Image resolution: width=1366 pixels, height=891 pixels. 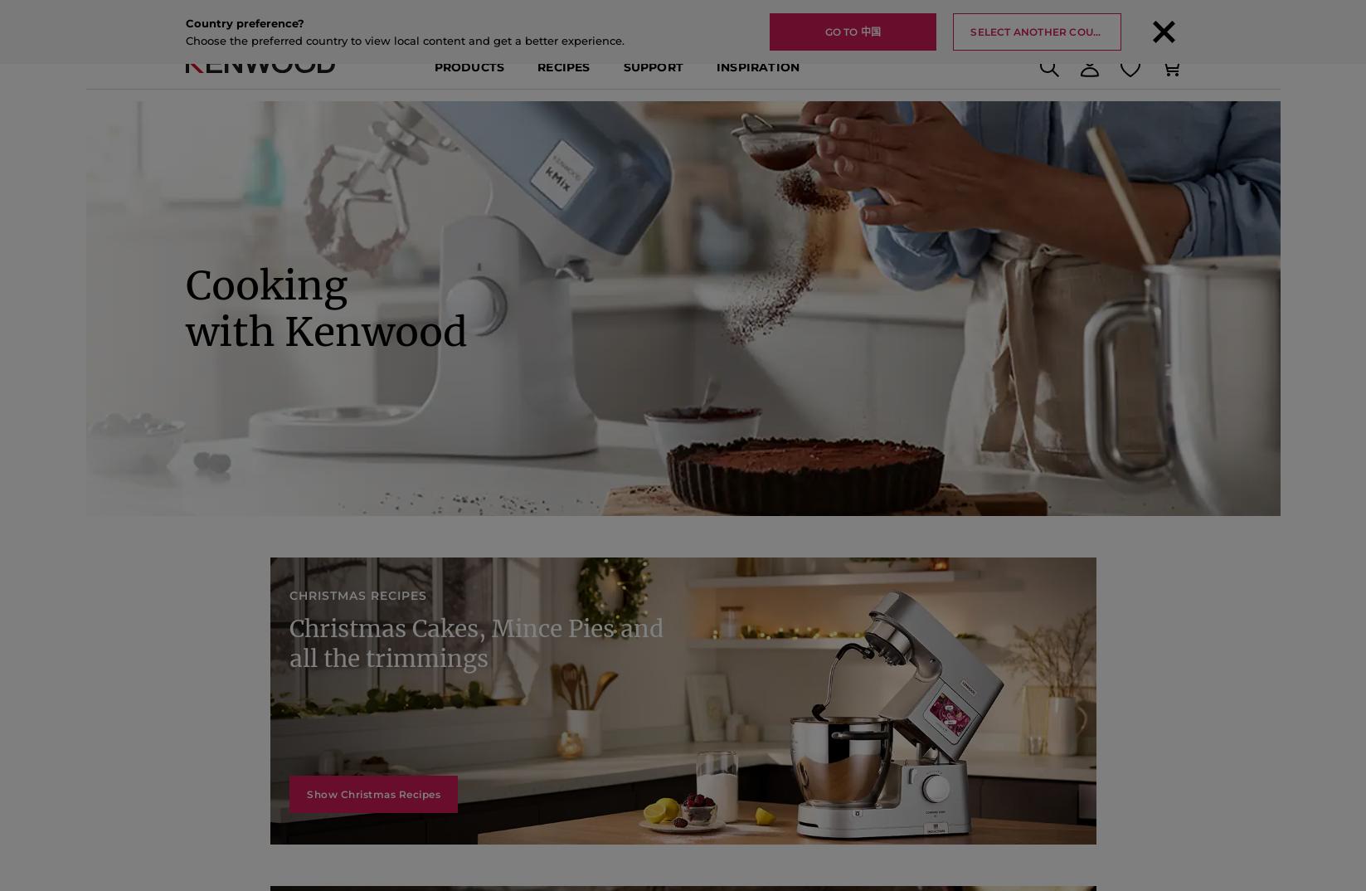 What do you see at coordinates (1044, 30) in the screenshot?
I see `'Select another country'` at bounding box center [1044, 30].